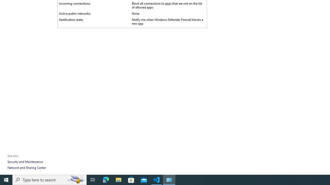 This screenshot has width=330, height=185. I want to click on 'Microsoft Store', so click(131, 179).